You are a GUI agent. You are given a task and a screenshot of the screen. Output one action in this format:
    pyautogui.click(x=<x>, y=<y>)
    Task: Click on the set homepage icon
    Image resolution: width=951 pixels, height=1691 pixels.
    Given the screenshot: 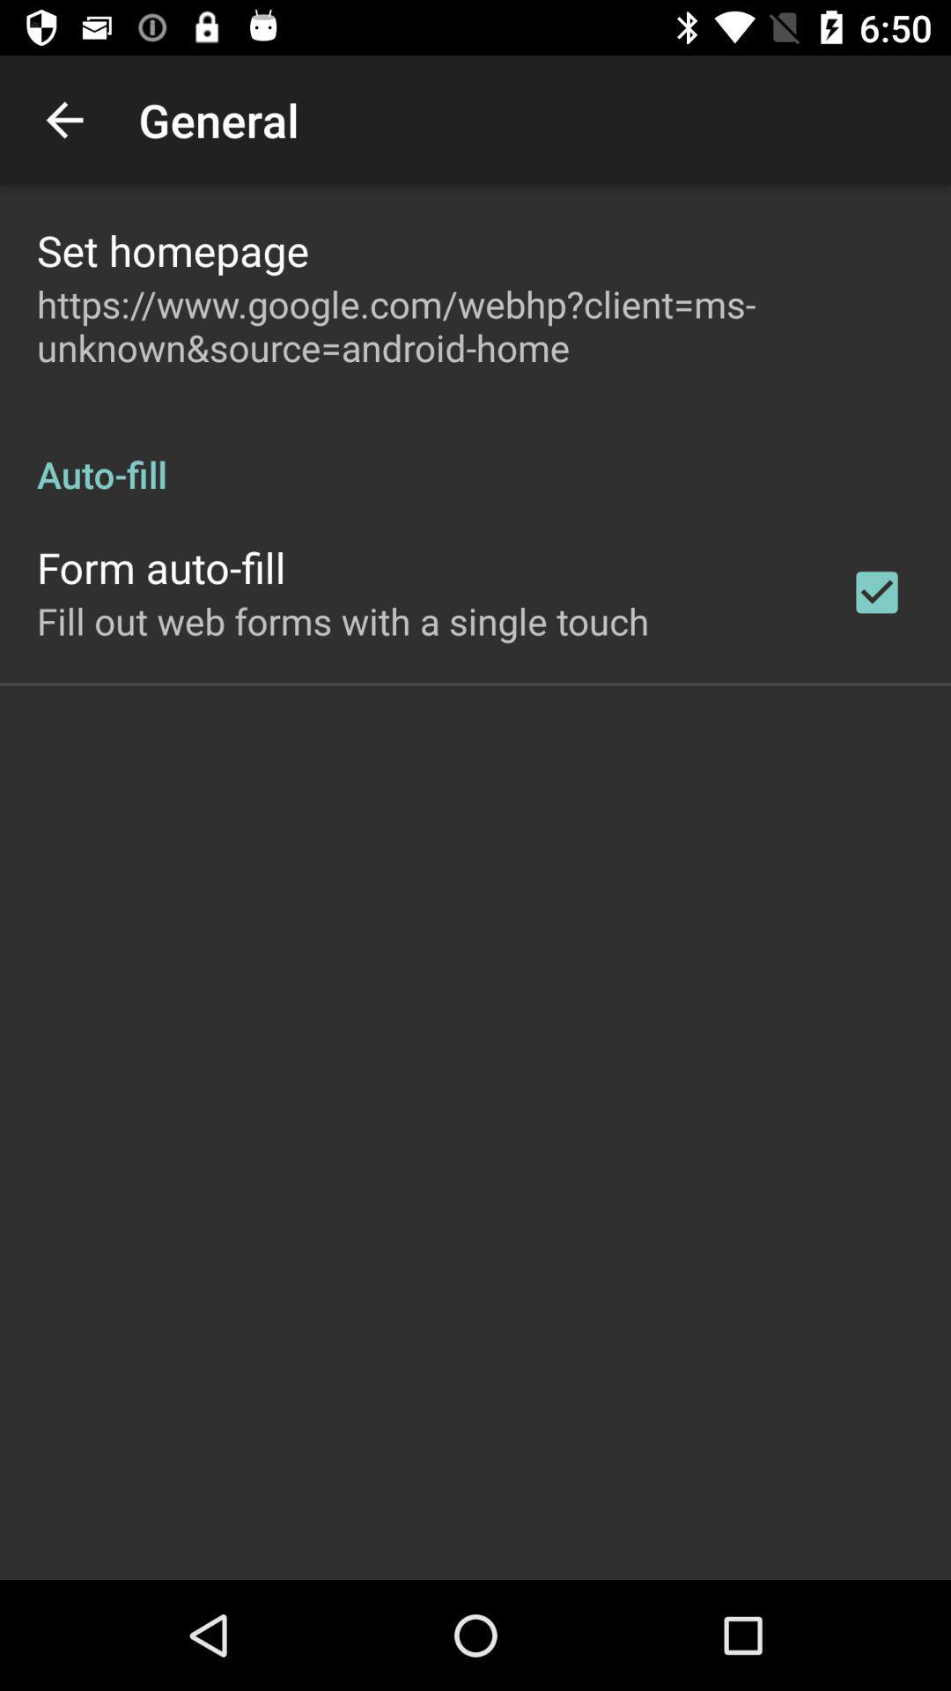 What is the action you would take?
    pyautogui.click(x=173, y=249)
    